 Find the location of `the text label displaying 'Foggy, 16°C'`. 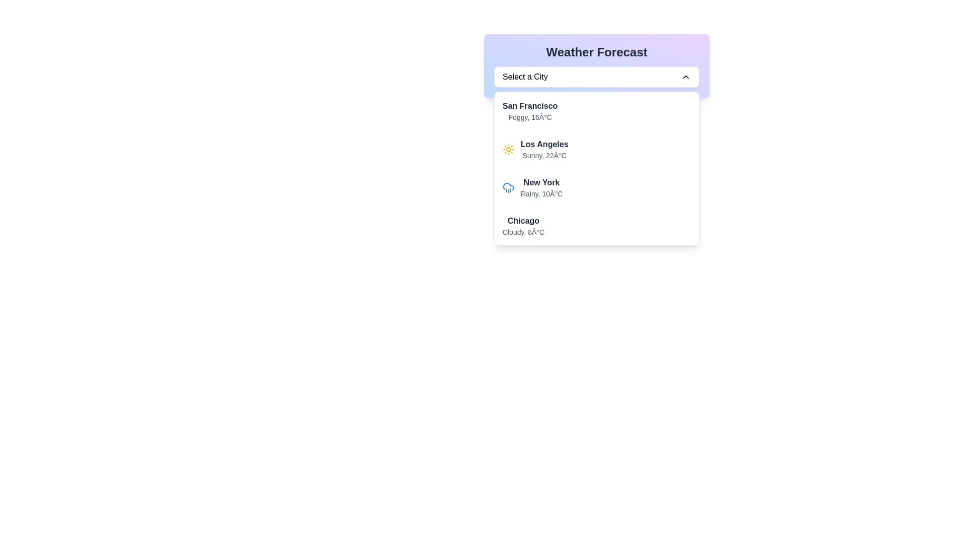

the text label displaying 'Foggy, 16°C' is located at coordinates (529, 116).